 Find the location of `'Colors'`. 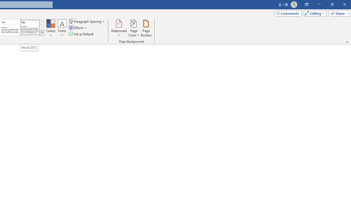

'Colors' is located at coordinates (50, 28).